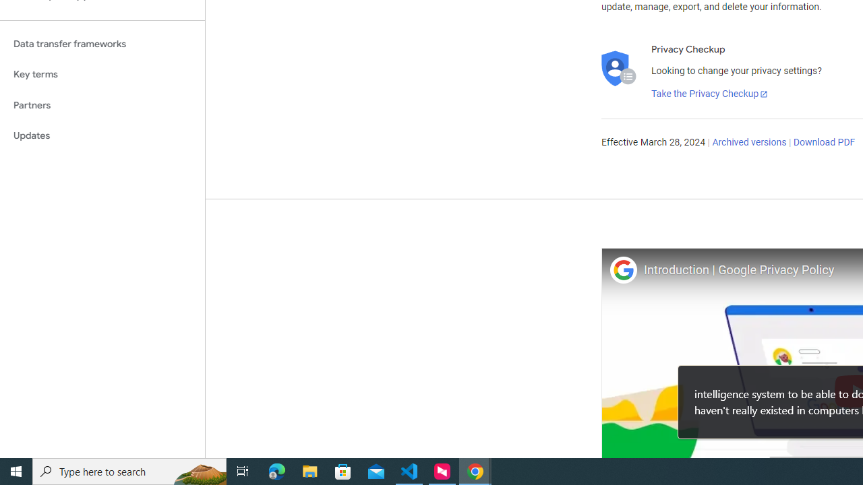 Image resolution: width=863 pixels, height=485 pixels. I want to click on 'Data transfer frameworks', so click(102, 43).